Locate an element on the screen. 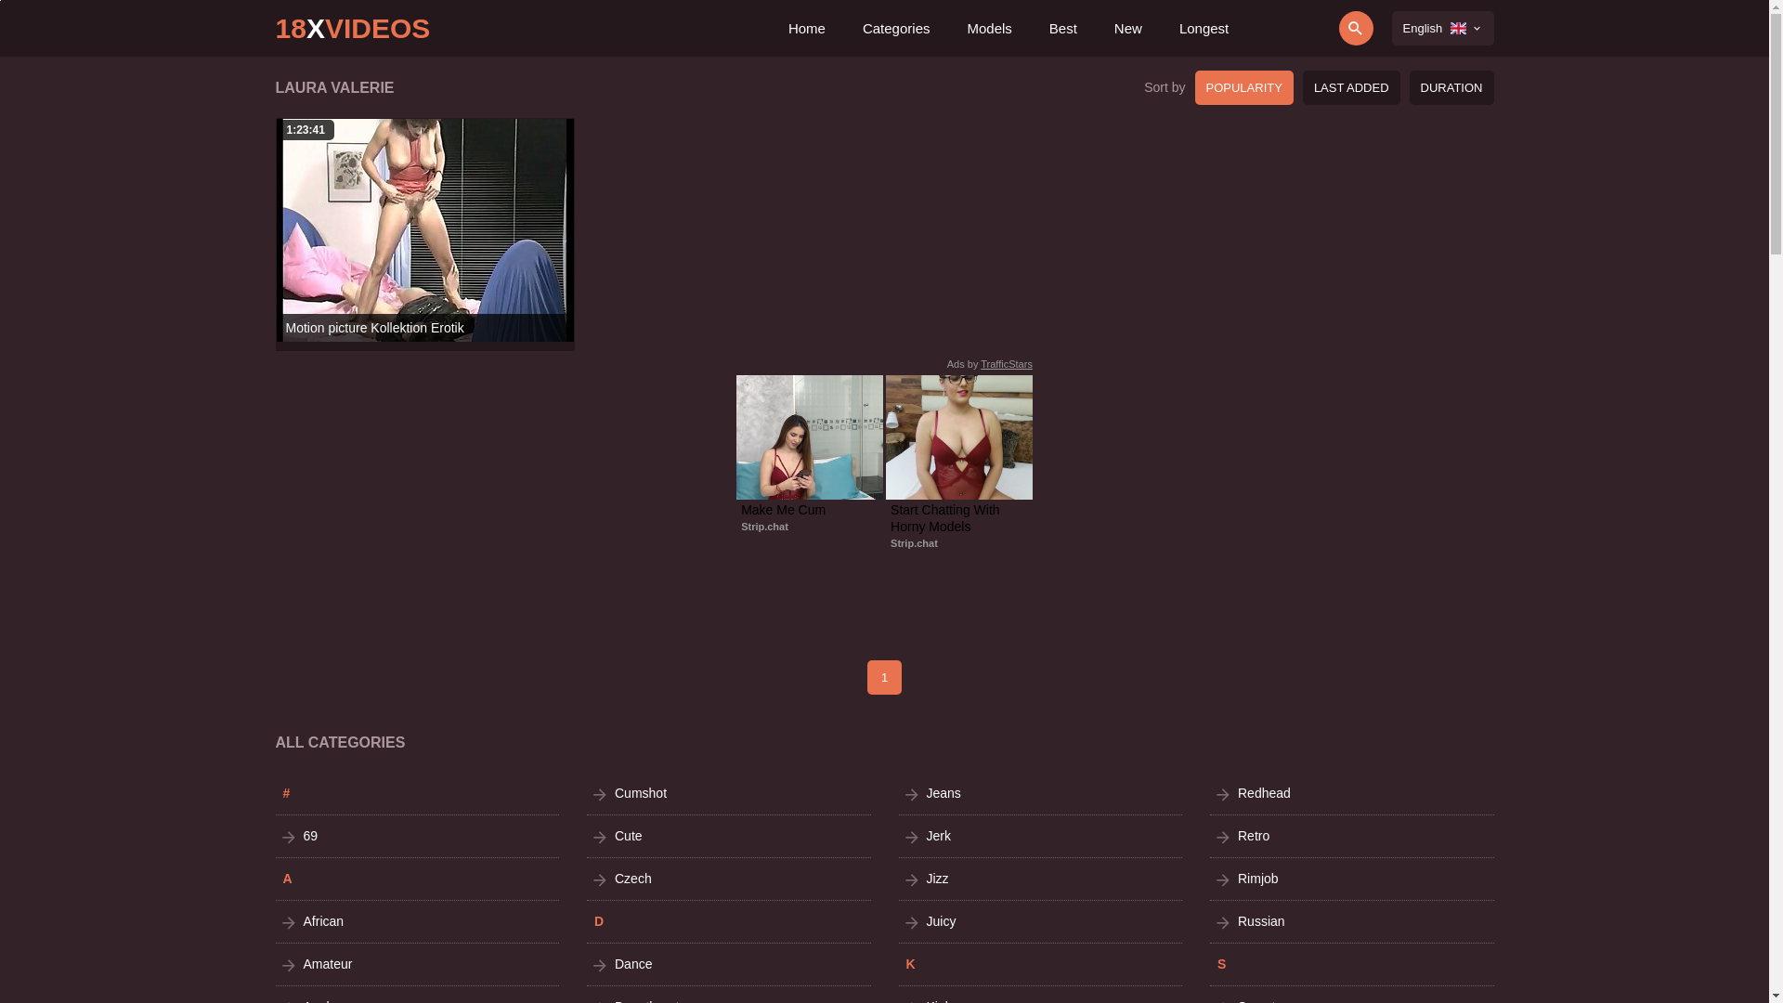 The image size is (1783, 1003). 'Dance' is located at coordinates (728, 963).